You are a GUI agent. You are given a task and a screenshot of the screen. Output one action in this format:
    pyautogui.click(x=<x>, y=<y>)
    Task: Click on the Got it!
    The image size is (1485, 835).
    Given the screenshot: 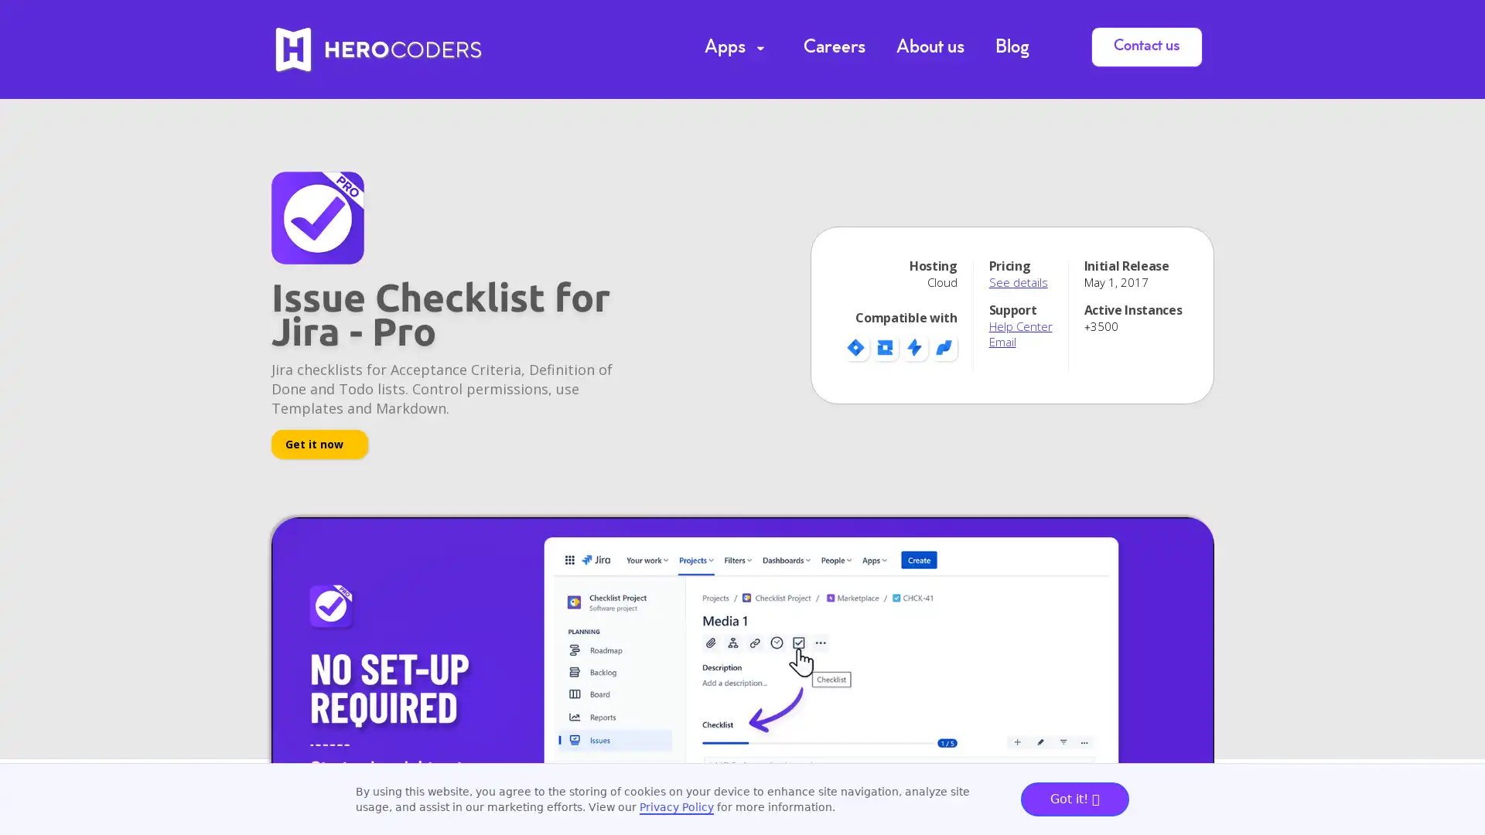 What is the action you would take?
    pyautogui.click(x=1074, y=799)
    